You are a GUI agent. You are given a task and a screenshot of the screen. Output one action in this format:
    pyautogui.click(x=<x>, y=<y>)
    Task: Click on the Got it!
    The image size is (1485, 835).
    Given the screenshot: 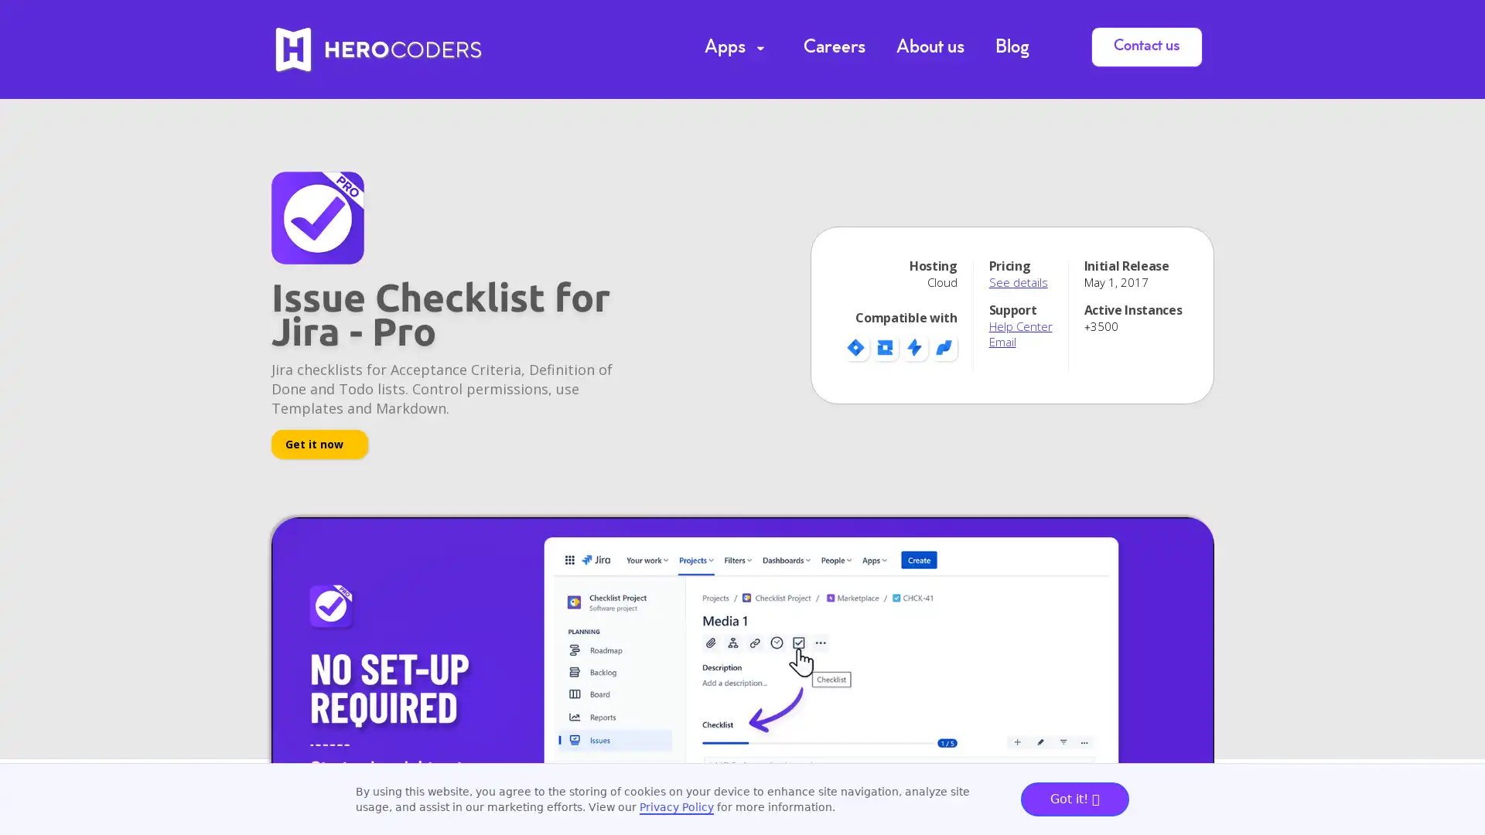 What is the action you would take?
    pyautogui.click(x=1074, y=799)
    